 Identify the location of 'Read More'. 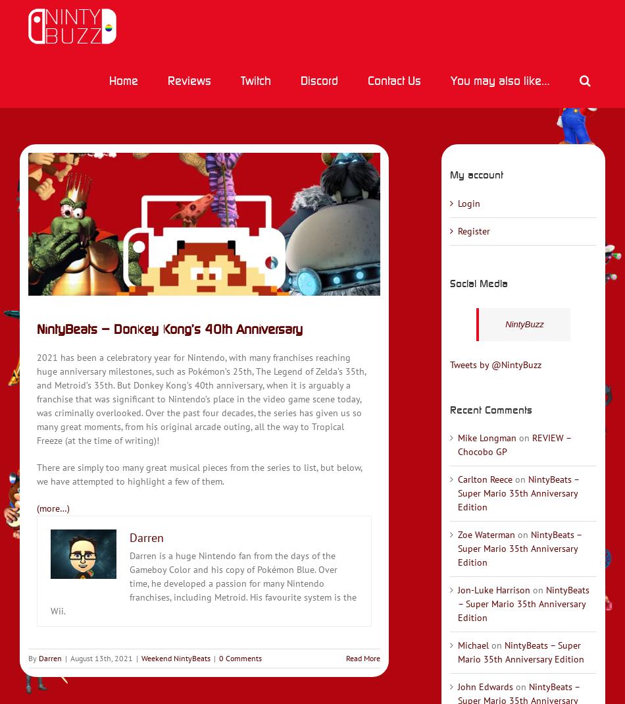
(362, 658).